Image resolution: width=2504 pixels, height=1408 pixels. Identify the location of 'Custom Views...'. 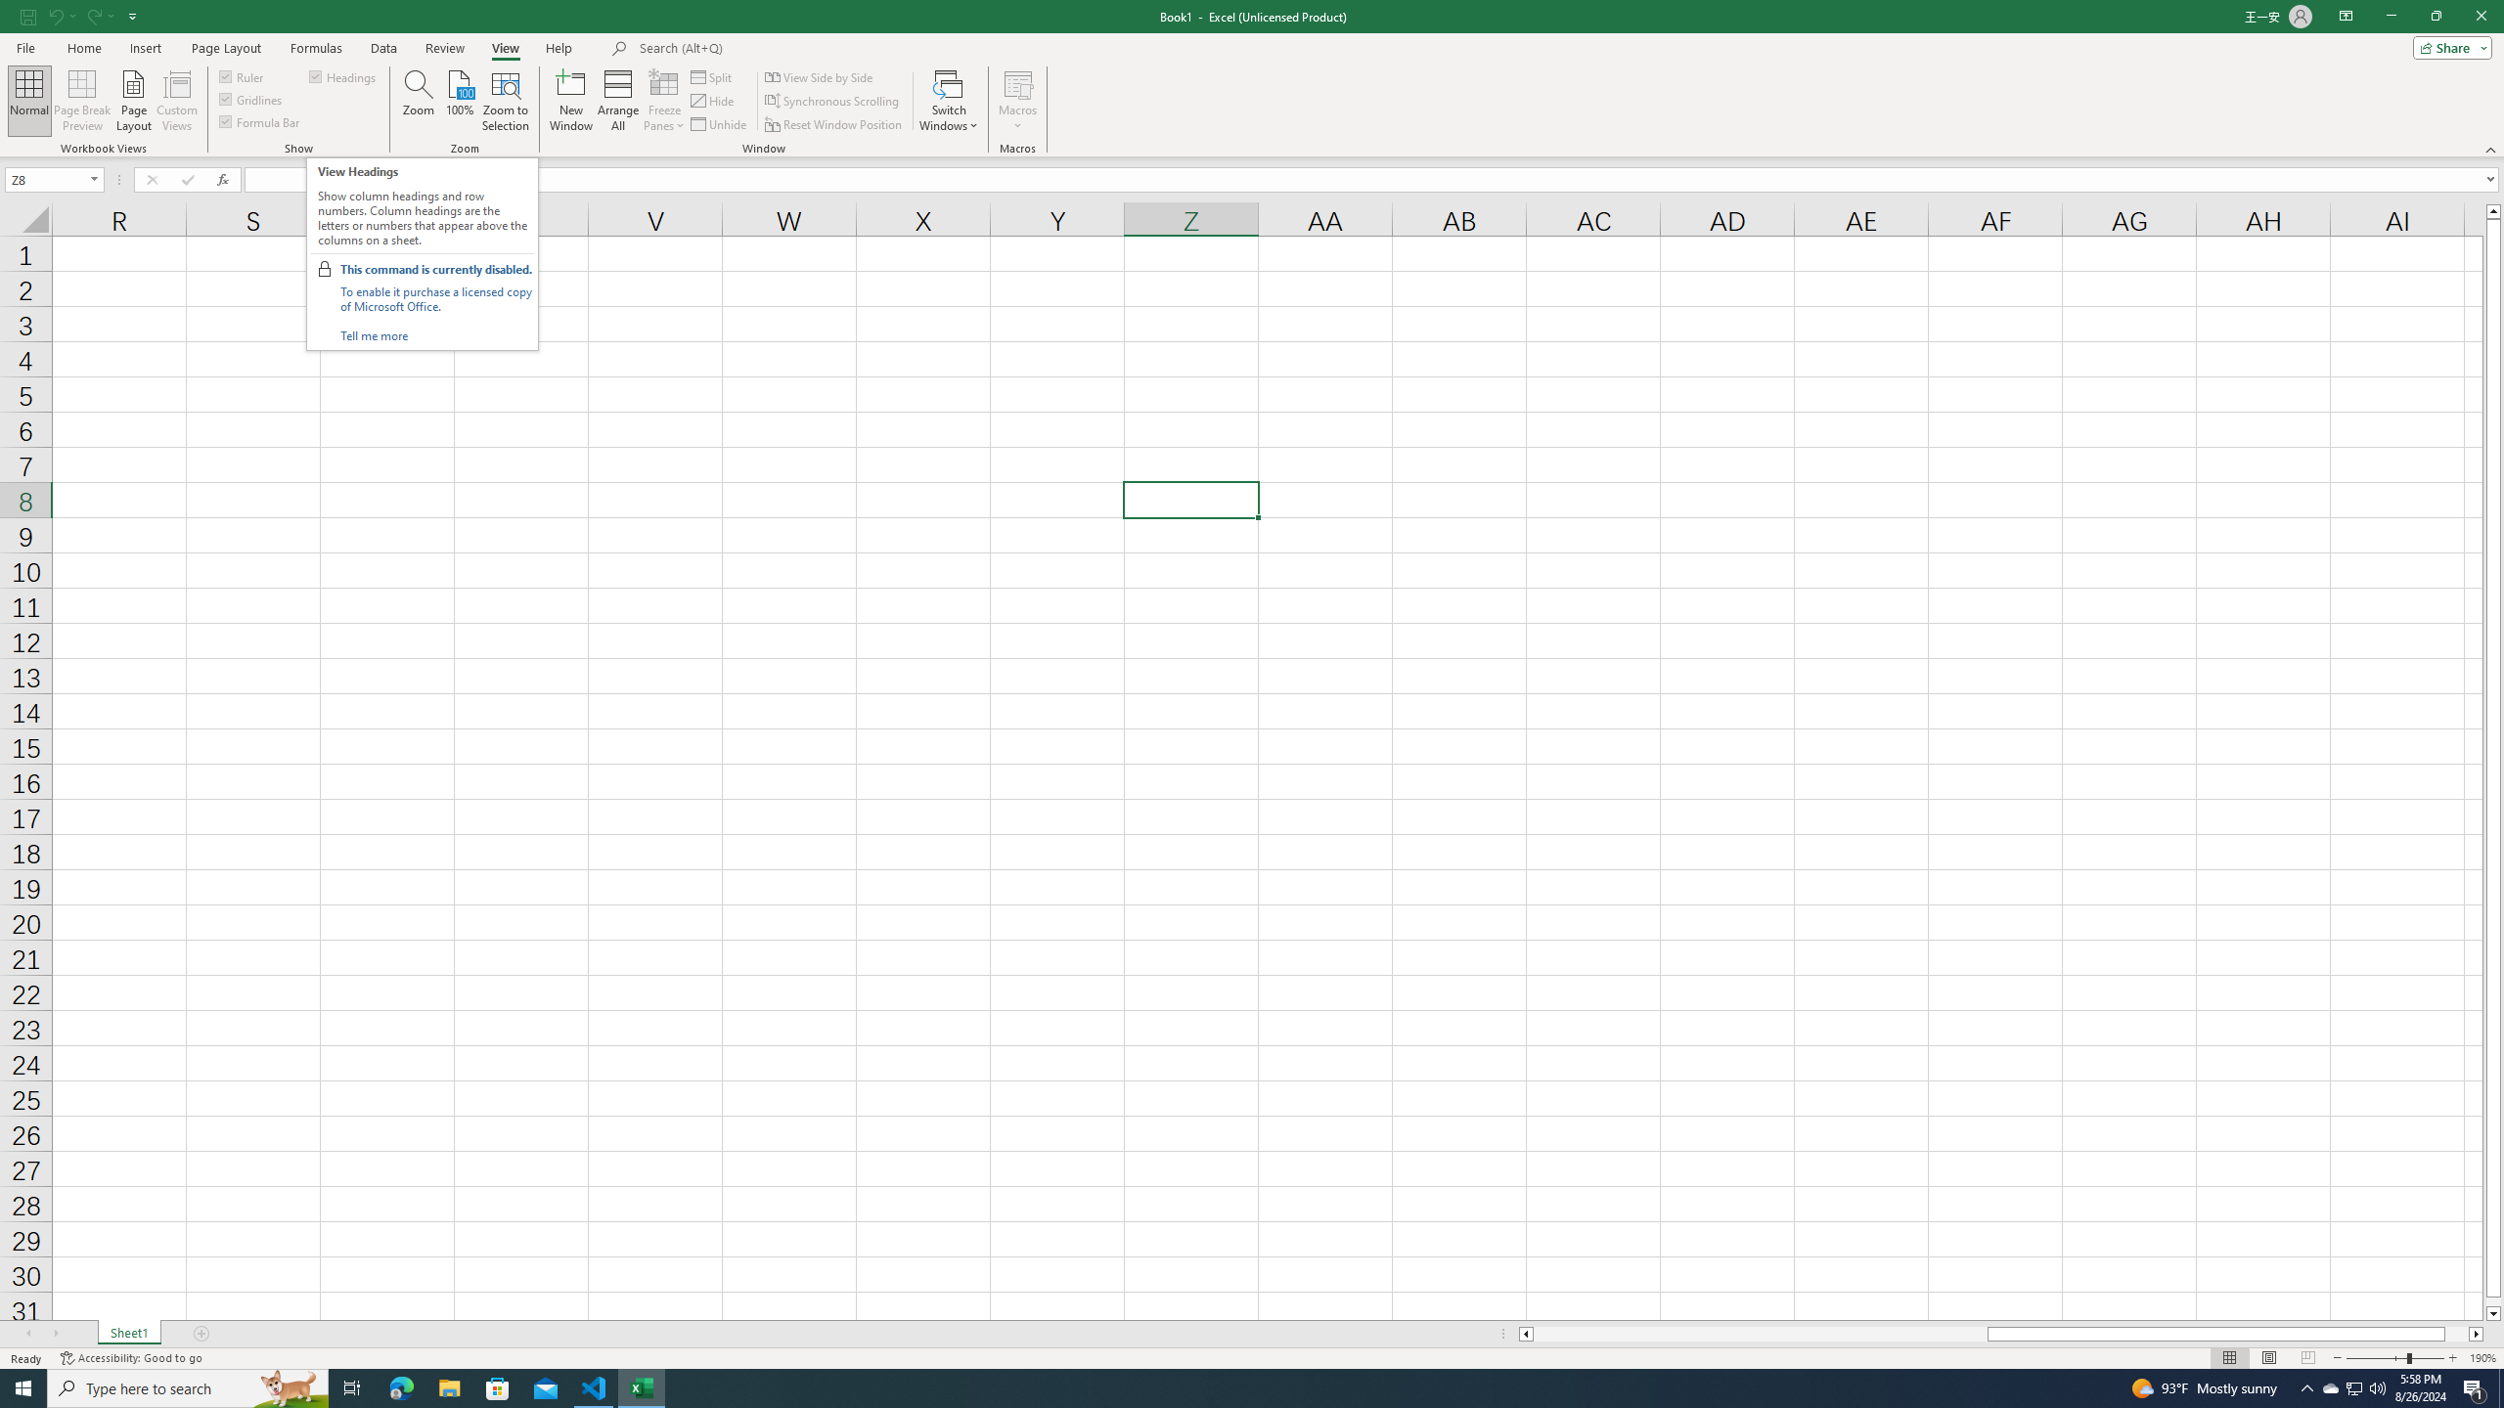
(176, 101).